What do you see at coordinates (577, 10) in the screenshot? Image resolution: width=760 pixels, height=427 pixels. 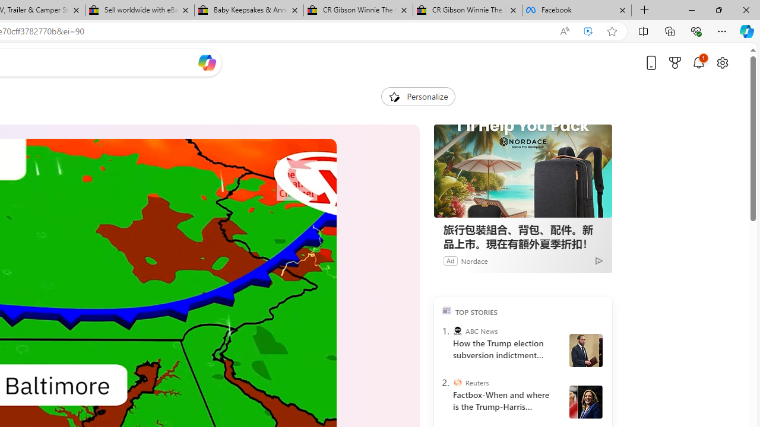 I see `'Facebook'` at bounding box center [577, 10].